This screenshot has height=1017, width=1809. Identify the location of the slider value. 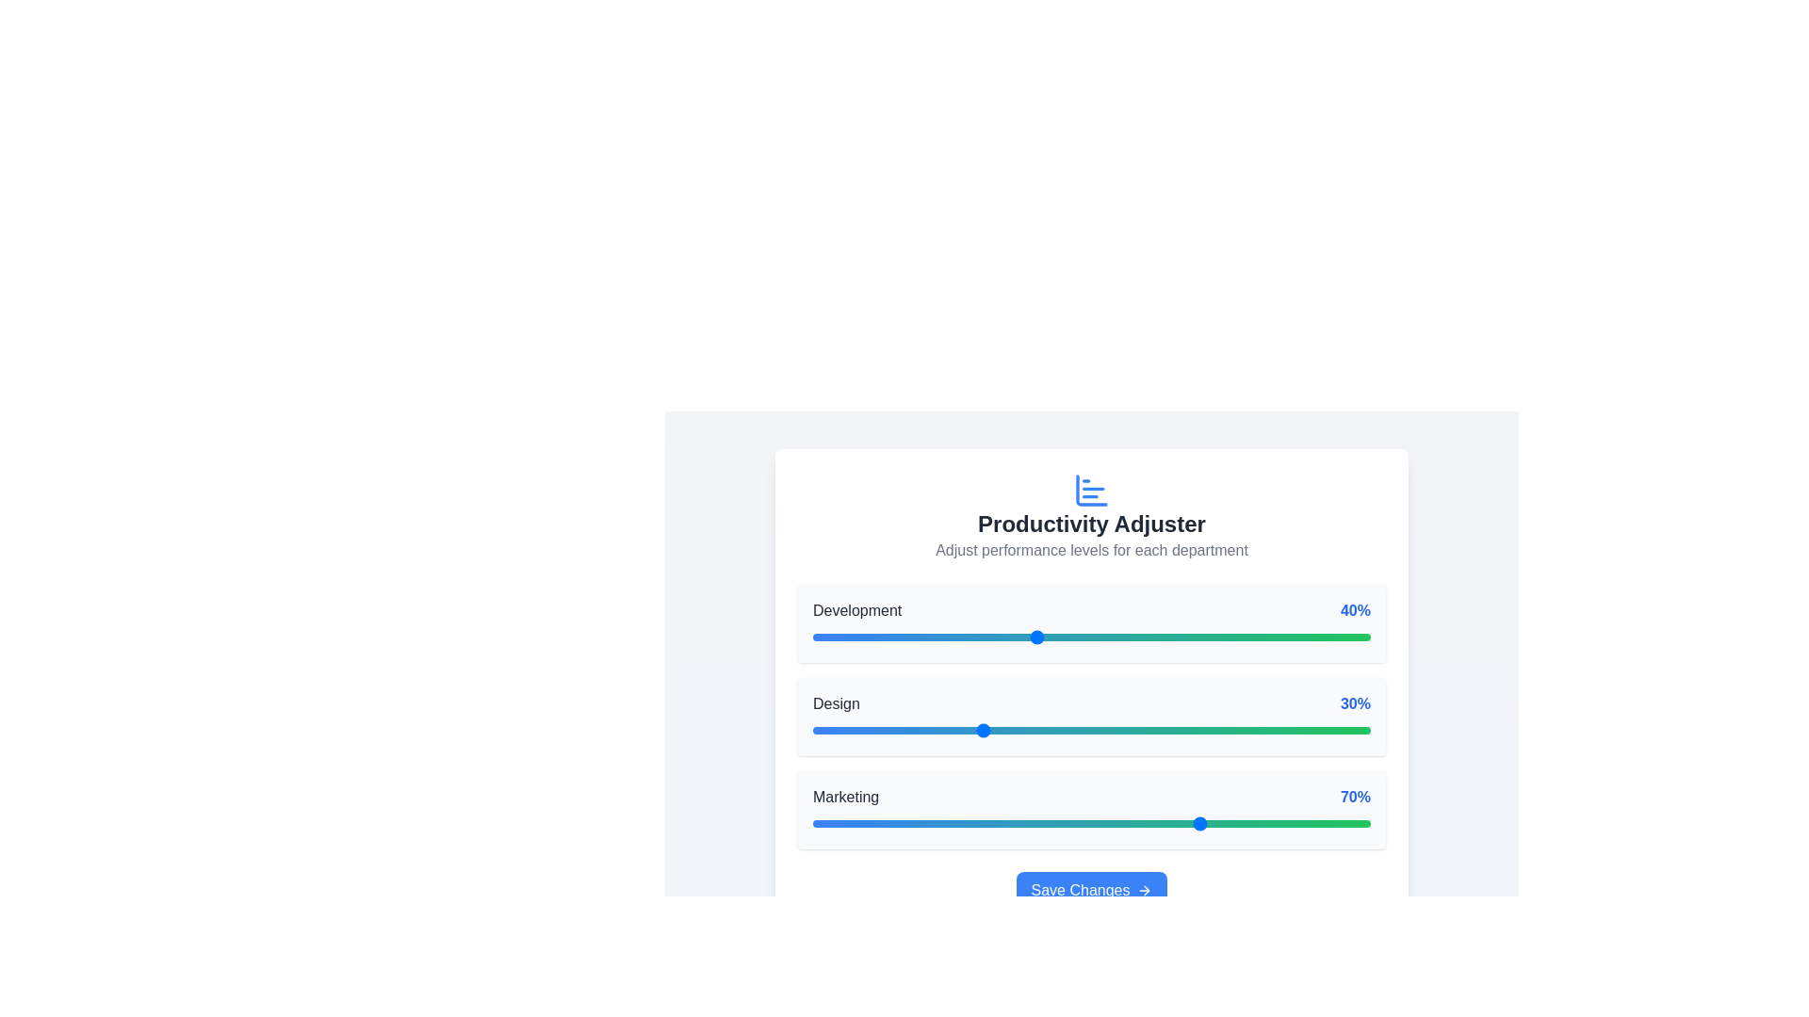
(839, 637).